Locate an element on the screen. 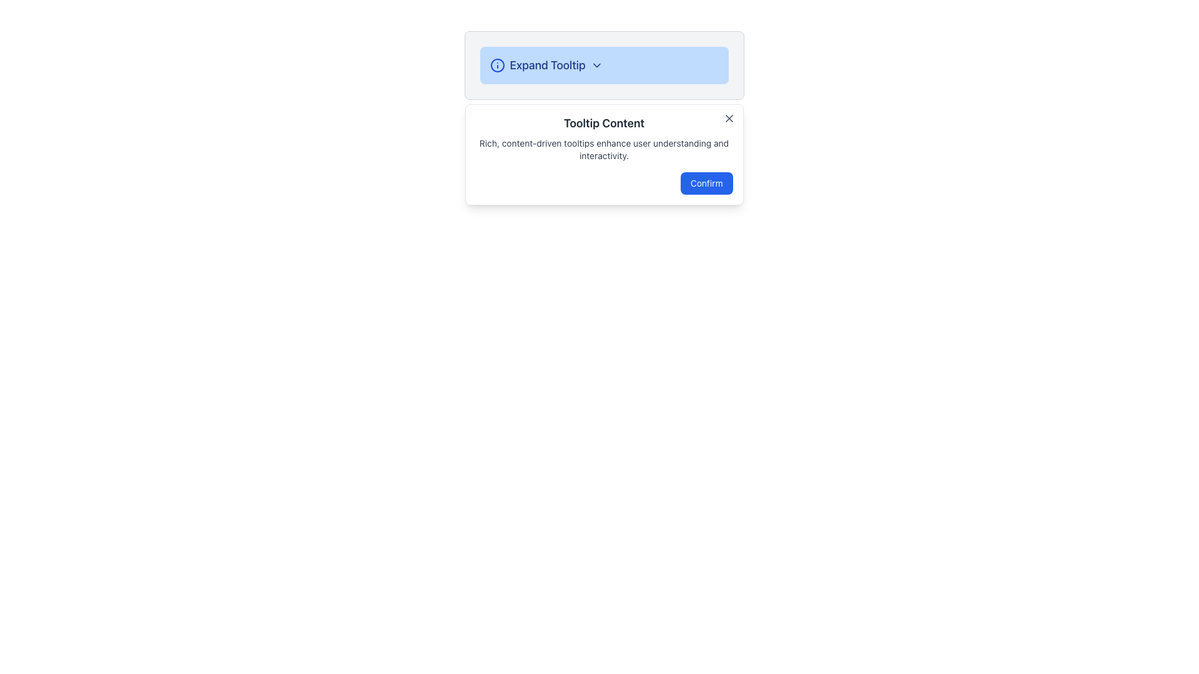 This screenshot has width=1199, height=674. the Text Label displaying 'Rich, content-driven tooltips enhance user understanding and interactivity.' which is located below the title 'Tooltip Content' and above the 'Confirm' button is located at coordinates (604, 149).